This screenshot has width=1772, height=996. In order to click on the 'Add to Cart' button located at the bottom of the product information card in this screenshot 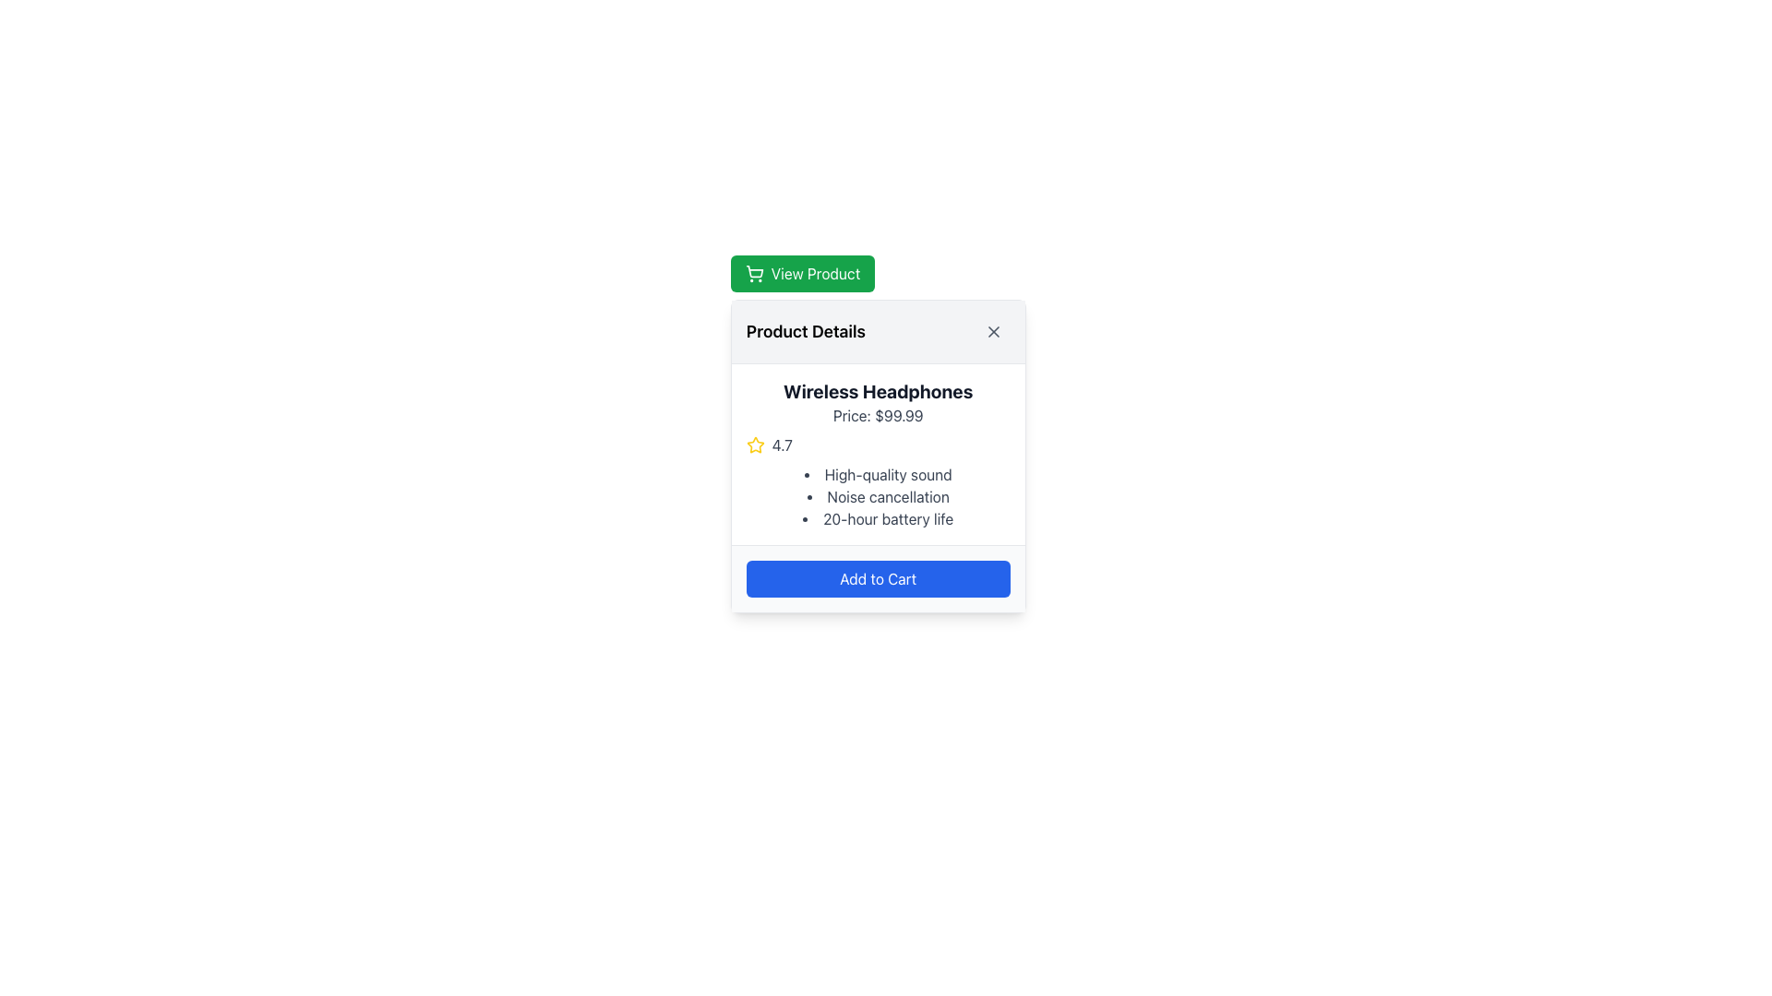, I will do `click(877, 577)`.